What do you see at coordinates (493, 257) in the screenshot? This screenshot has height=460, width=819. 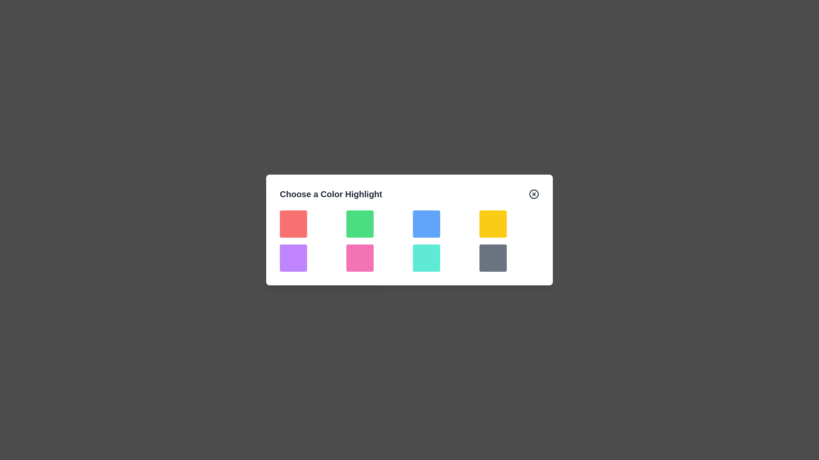 I see `the color block corresponding to gray` at bounding box center [493, 257].